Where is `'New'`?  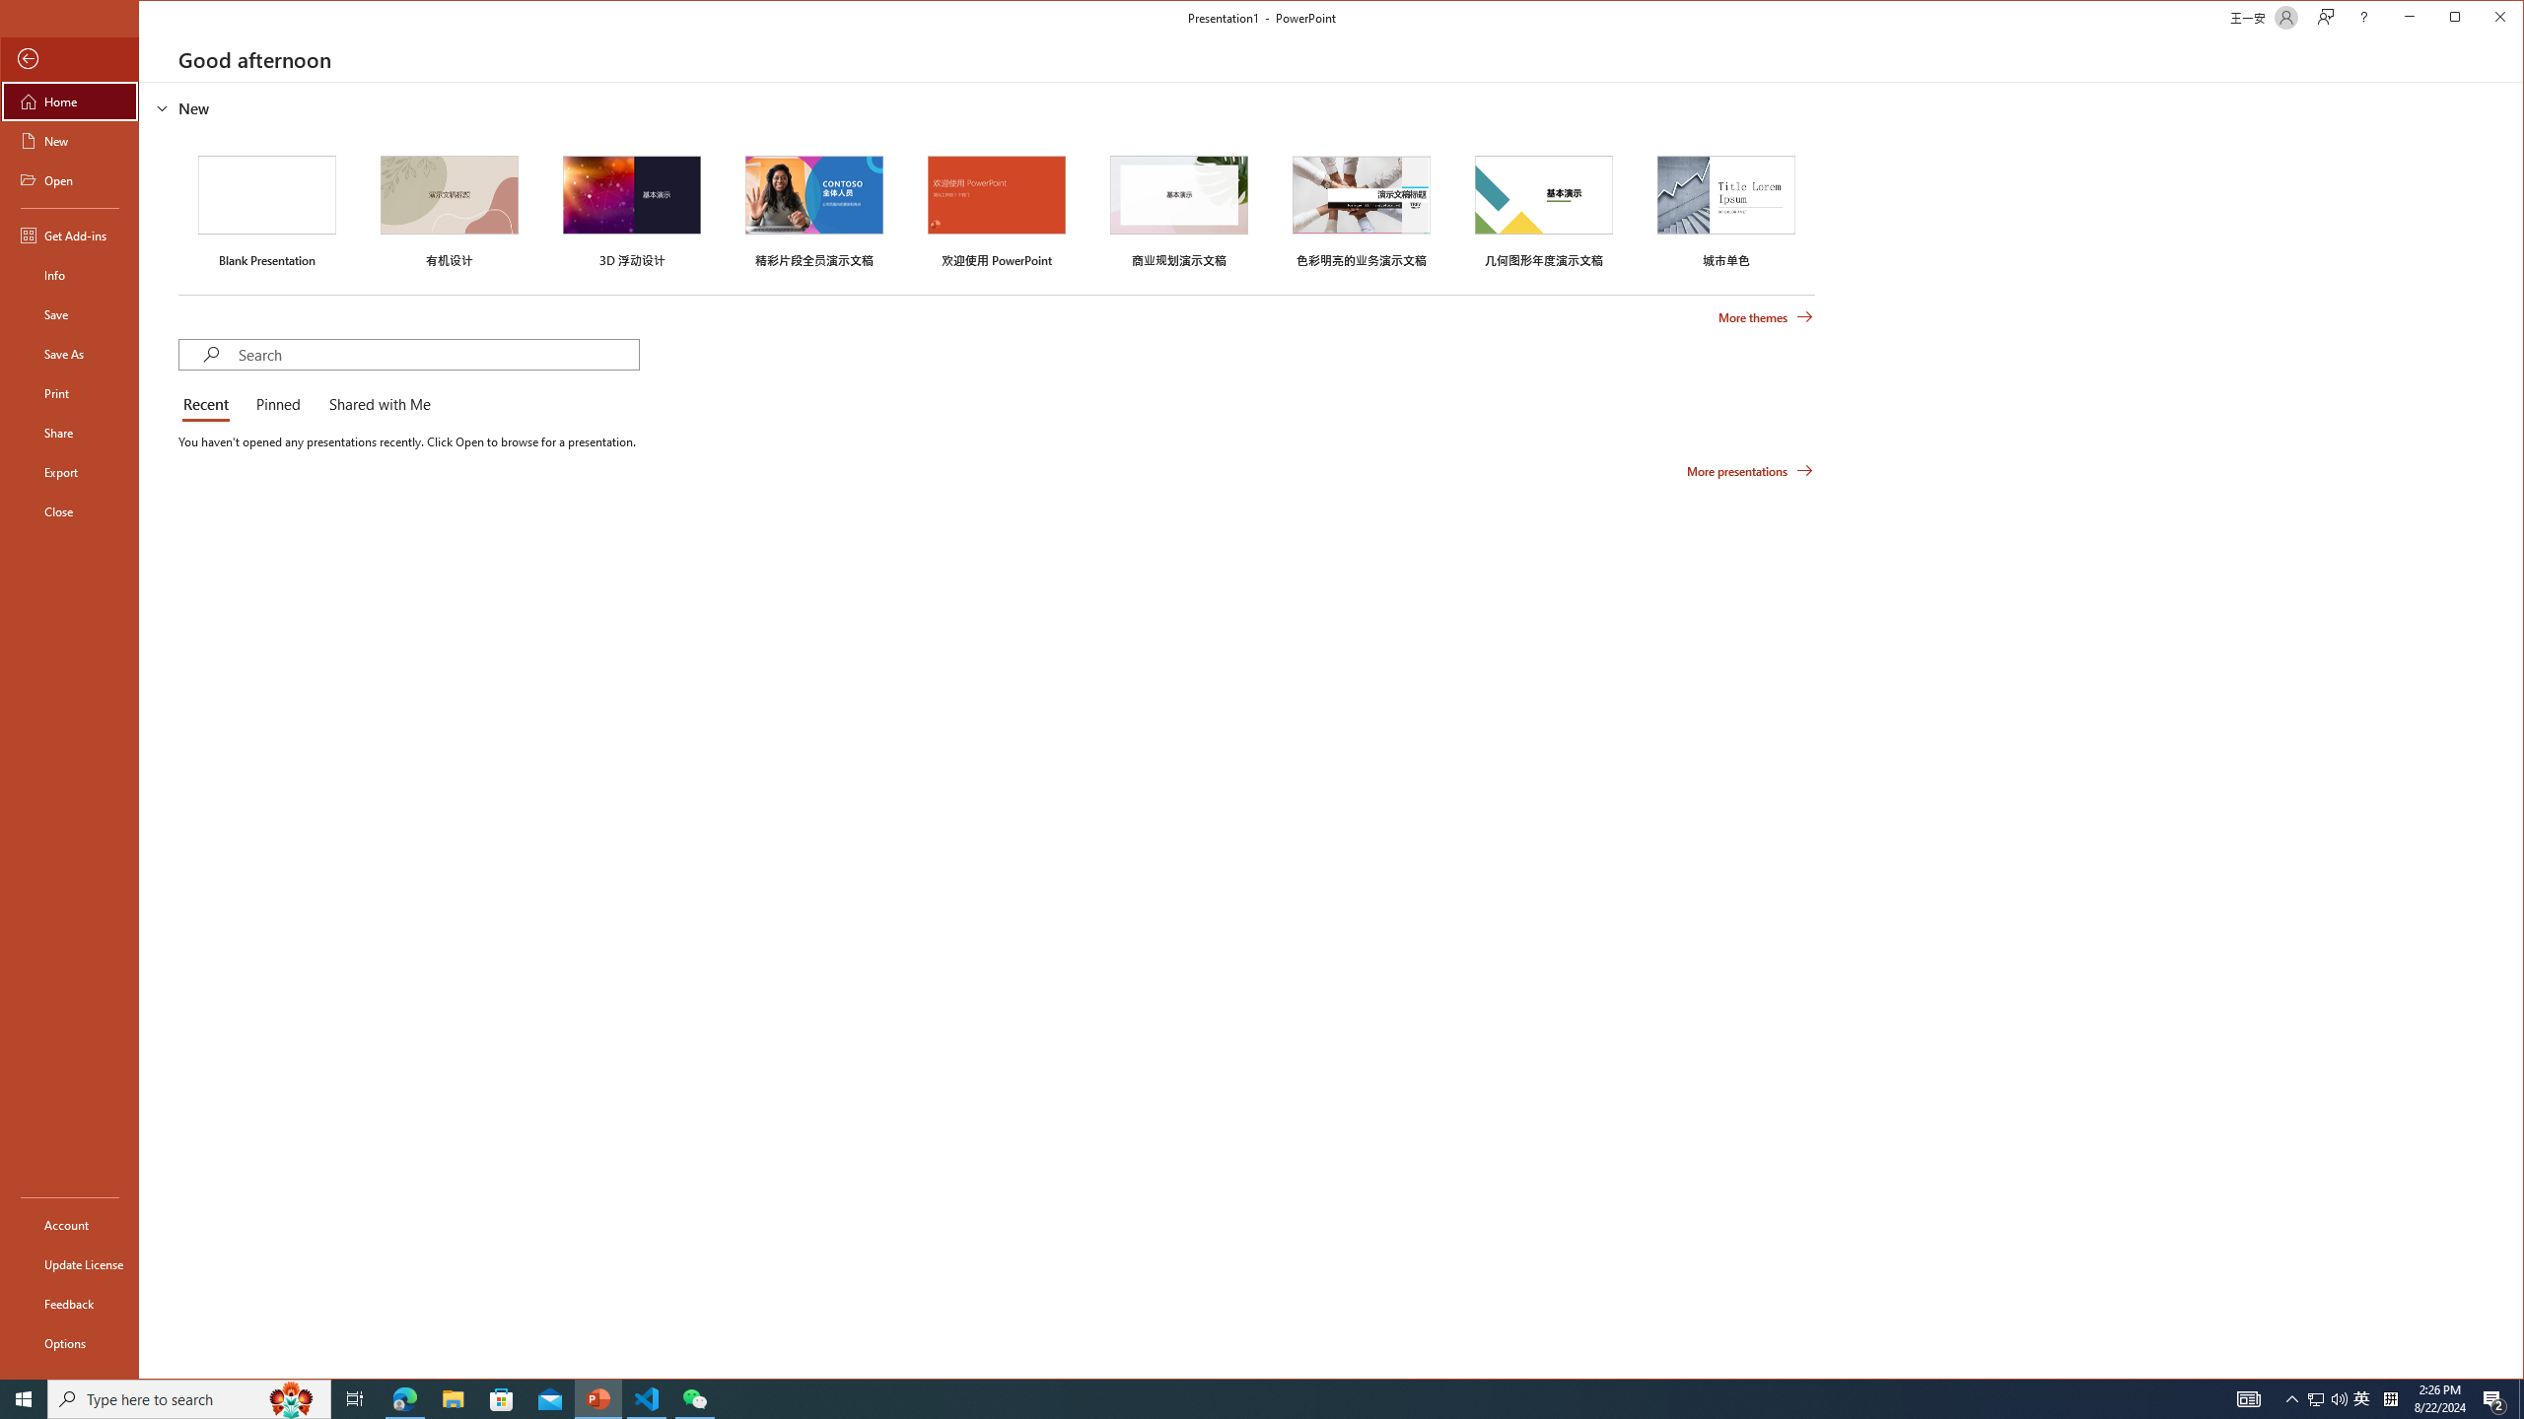
'New' is located at coordinates (68, 139).